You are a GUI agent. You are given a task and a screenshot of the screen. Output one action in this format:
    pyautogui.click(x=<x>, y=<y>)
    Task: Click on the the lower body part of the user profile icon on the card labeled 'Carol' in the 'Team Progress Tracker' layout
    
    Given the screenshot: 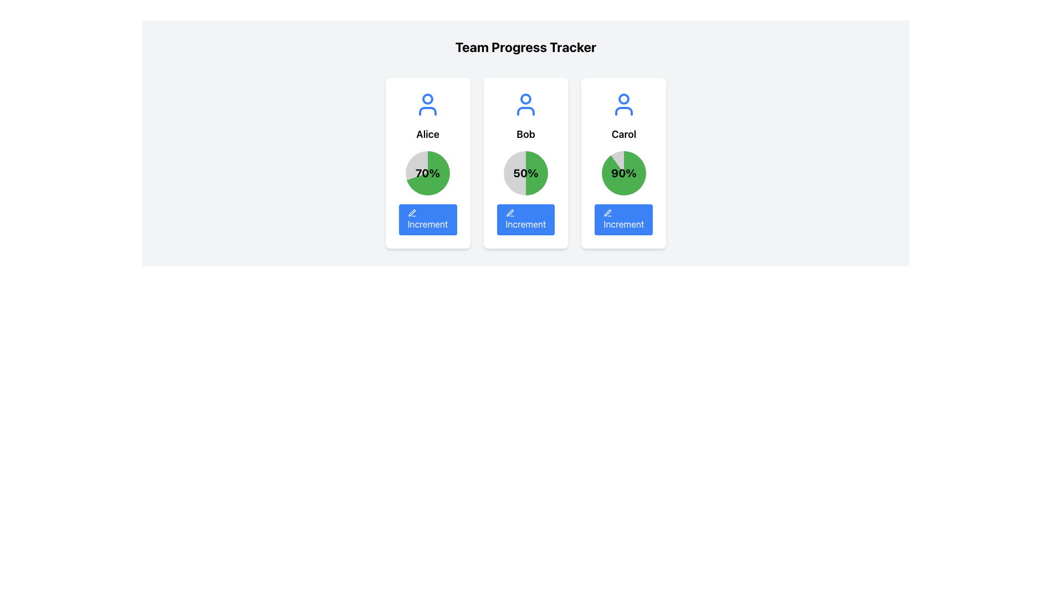 What is the action you would take?
    pyautogui.click(x=623, y=111)
    